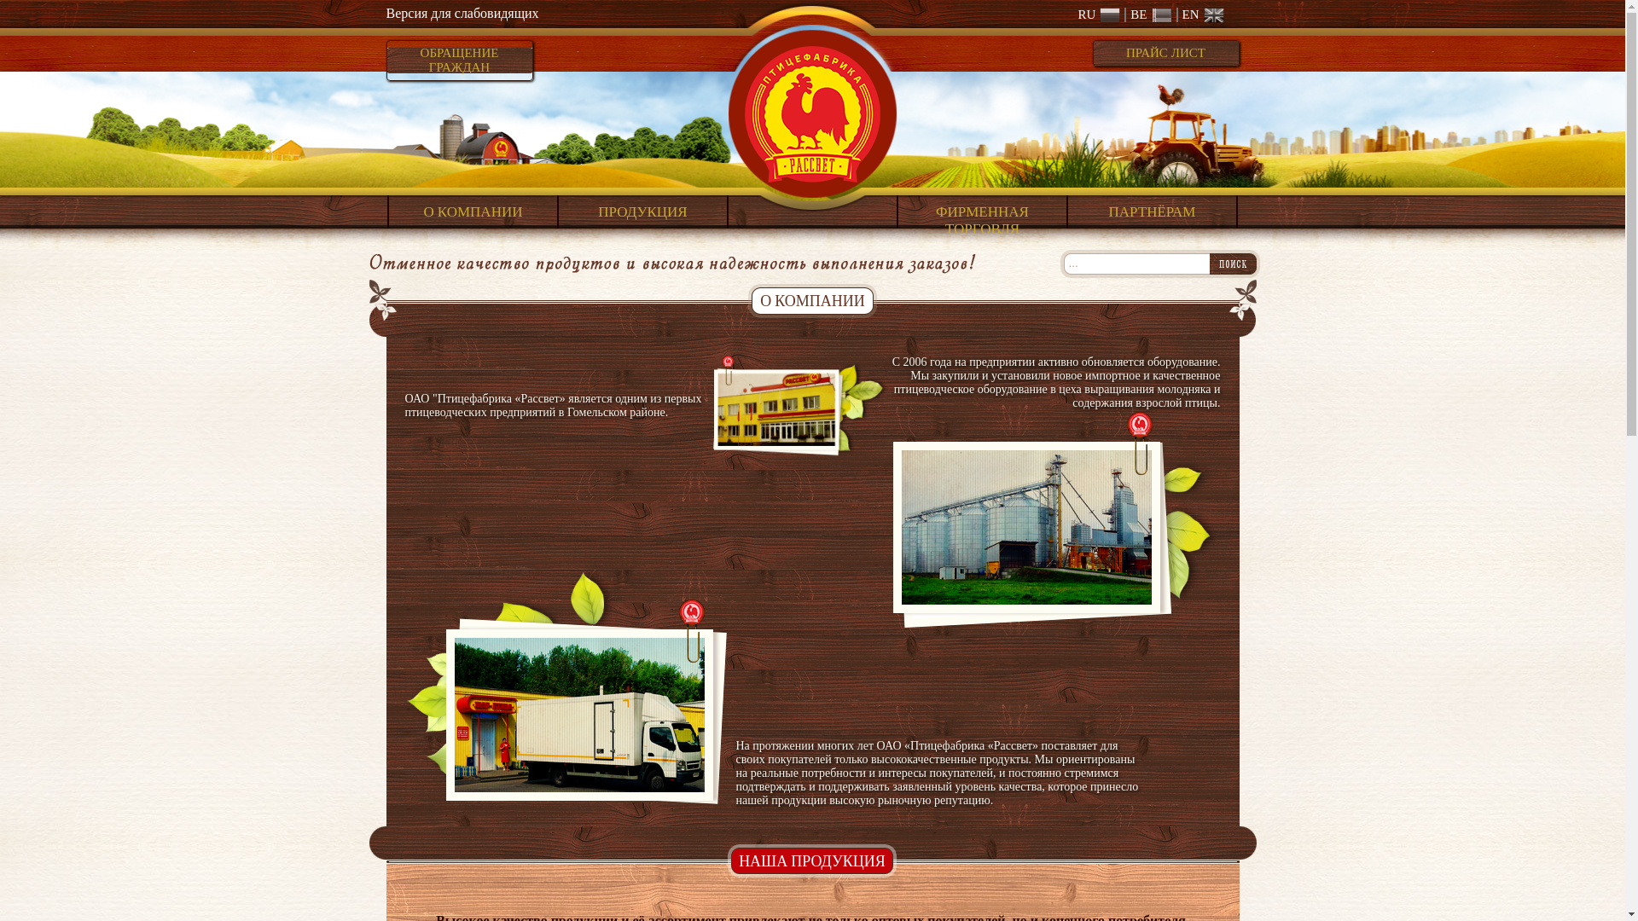  I want to click on 'EN', so click(1199, 14).